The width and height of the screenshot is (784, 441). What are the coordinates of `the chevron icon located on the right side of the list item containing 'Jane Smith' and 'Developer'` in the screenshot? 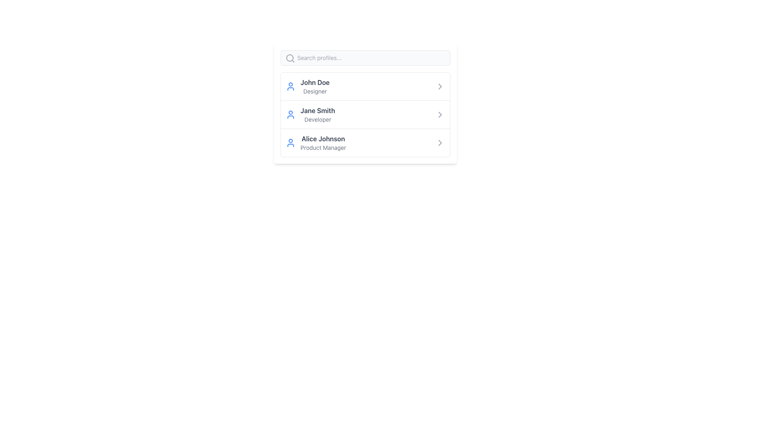 It's located at (440, 115).